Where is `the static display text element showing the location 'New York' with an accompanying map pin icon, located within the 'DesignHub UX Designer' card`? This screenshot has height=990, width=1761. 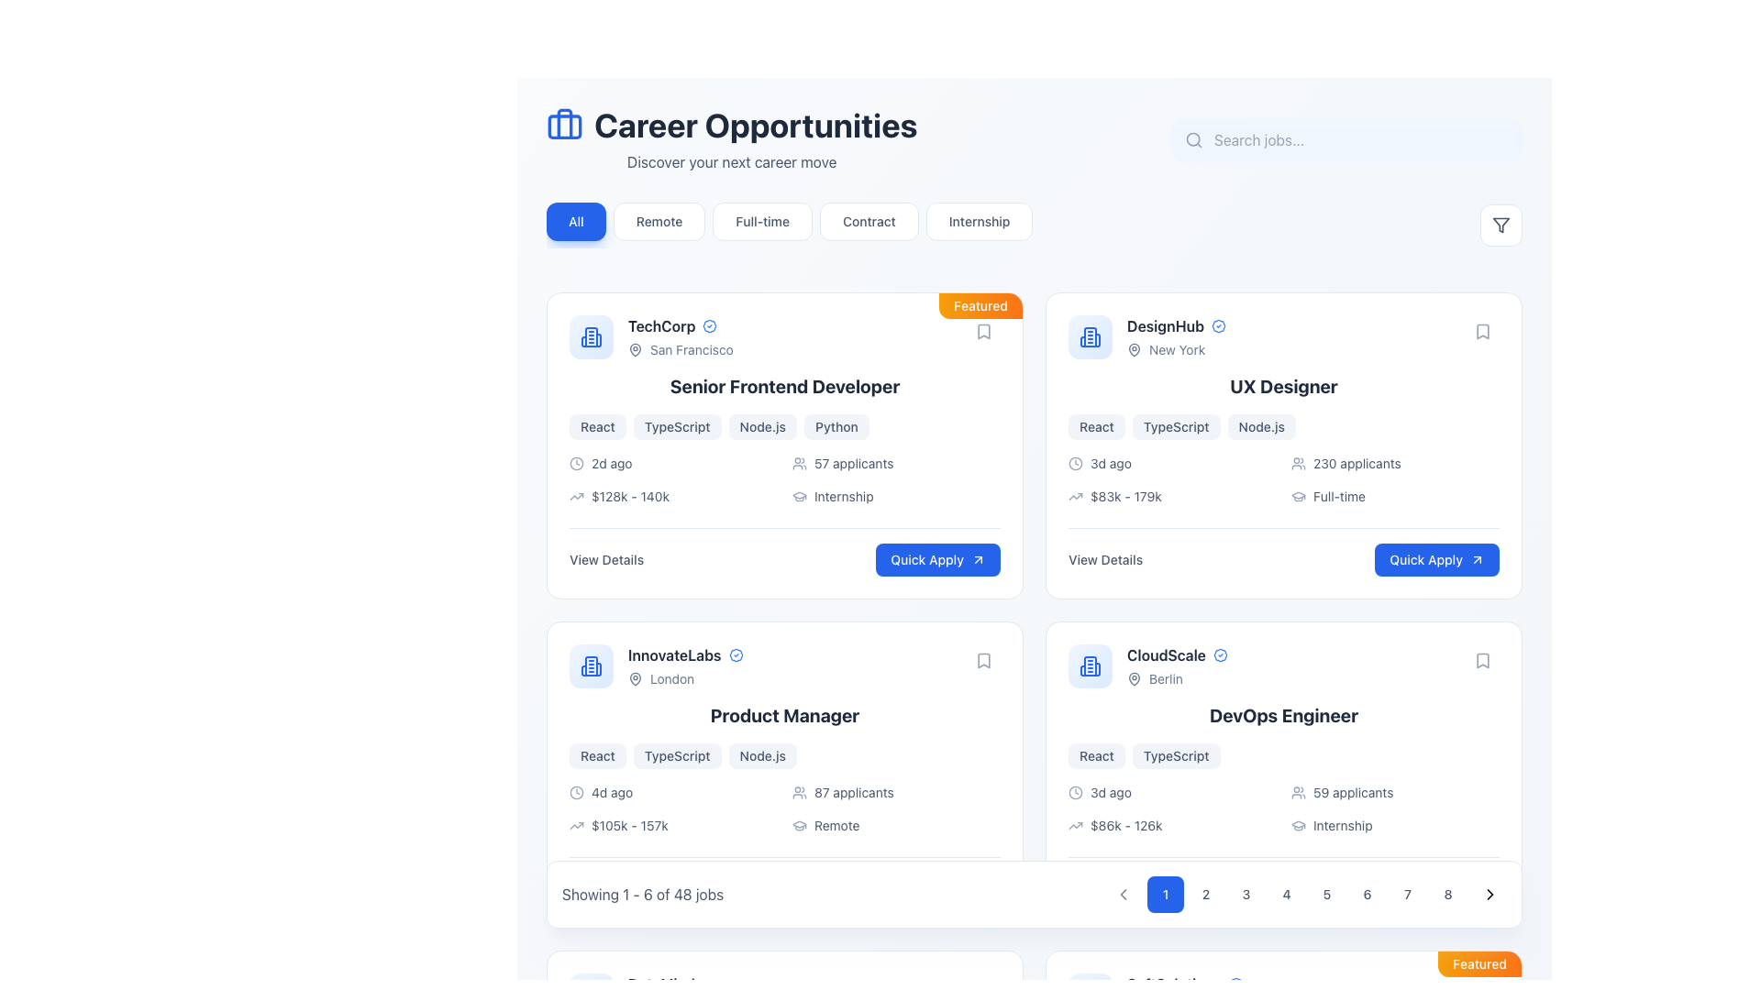 the static display text element showing the location 'New York' with an accompanying map pin icon, located within the 'DesignHub UX Designer' card is located at coordinates (1176, 349).